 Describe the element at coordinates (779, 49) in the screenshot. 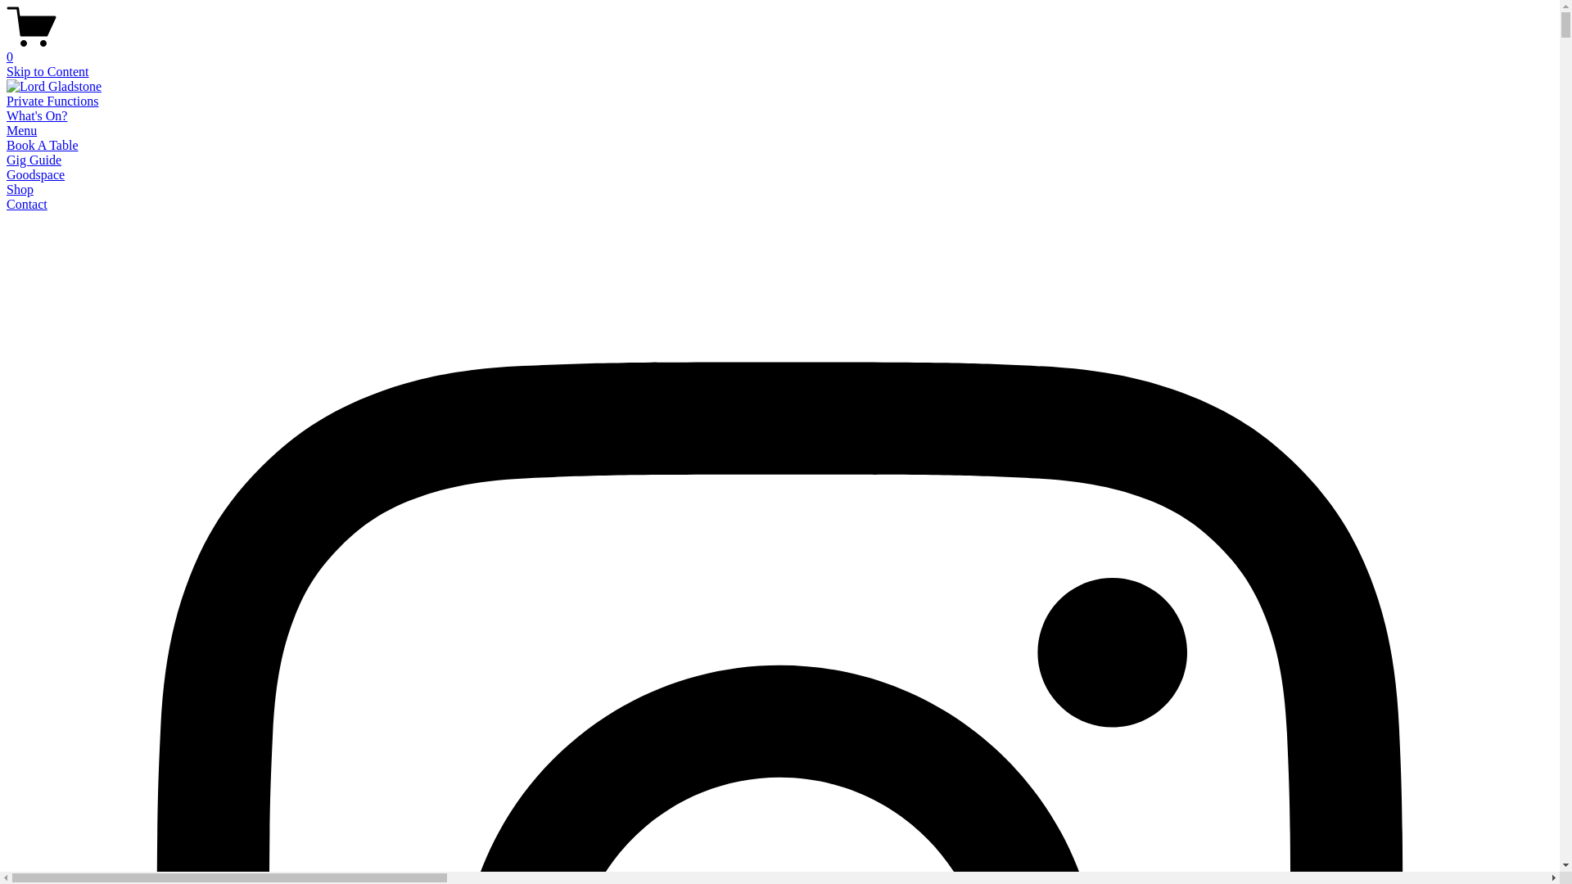

I see `'0'` at that location.